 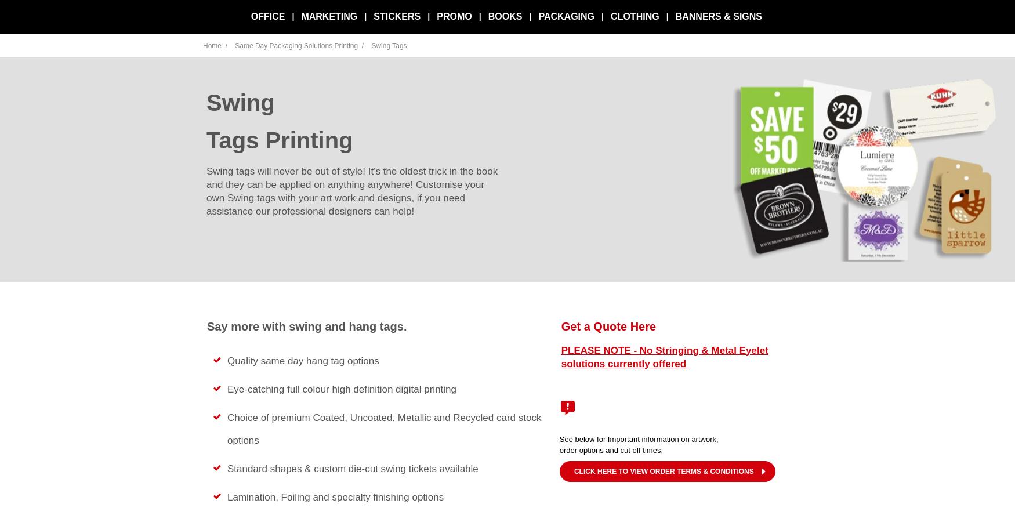 What do you see at coordinates (279, 139) in the screenshot?
I see `'Tags Printing'` at bounding box center [279, 139].